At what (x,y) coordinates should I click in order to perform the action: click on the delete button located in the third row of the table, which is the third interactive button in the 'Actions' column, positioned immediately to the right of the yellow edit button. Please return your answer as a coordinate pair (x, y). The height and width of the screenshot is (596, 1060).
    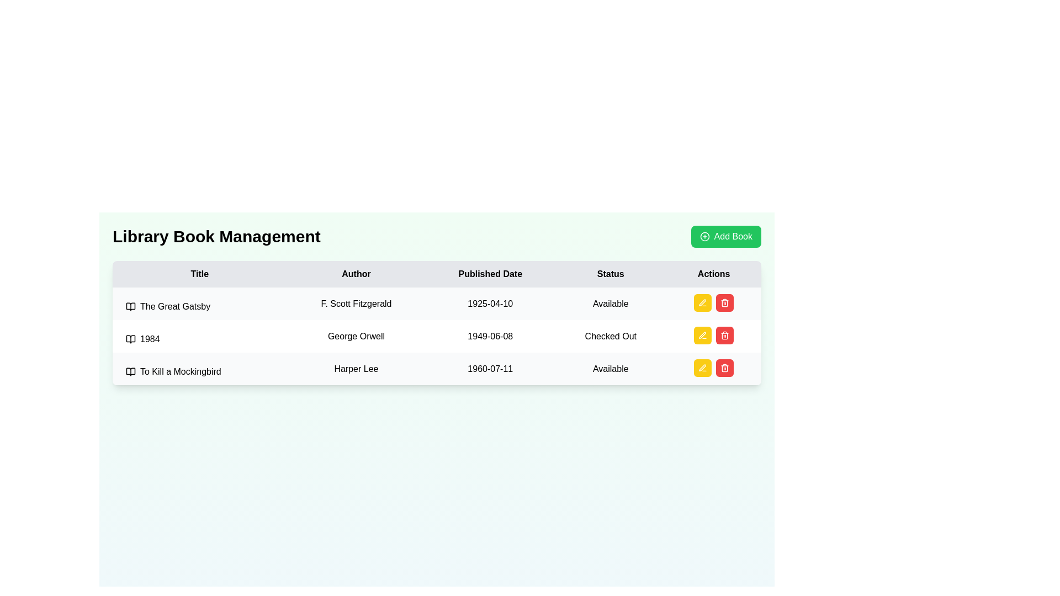
    Looking at the image, I should click on (725, 302).